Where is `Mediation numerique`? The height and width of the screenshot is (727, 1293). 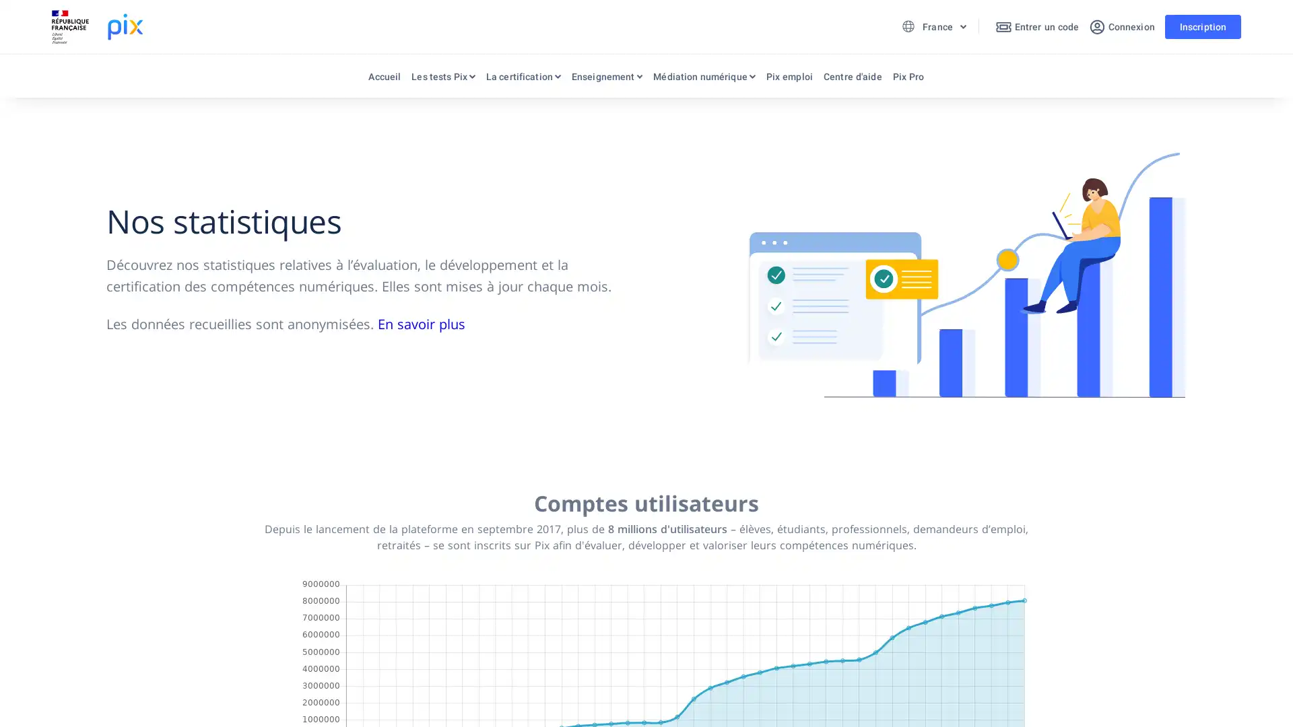 Mediation numerique is located at coordinates (703, 79).